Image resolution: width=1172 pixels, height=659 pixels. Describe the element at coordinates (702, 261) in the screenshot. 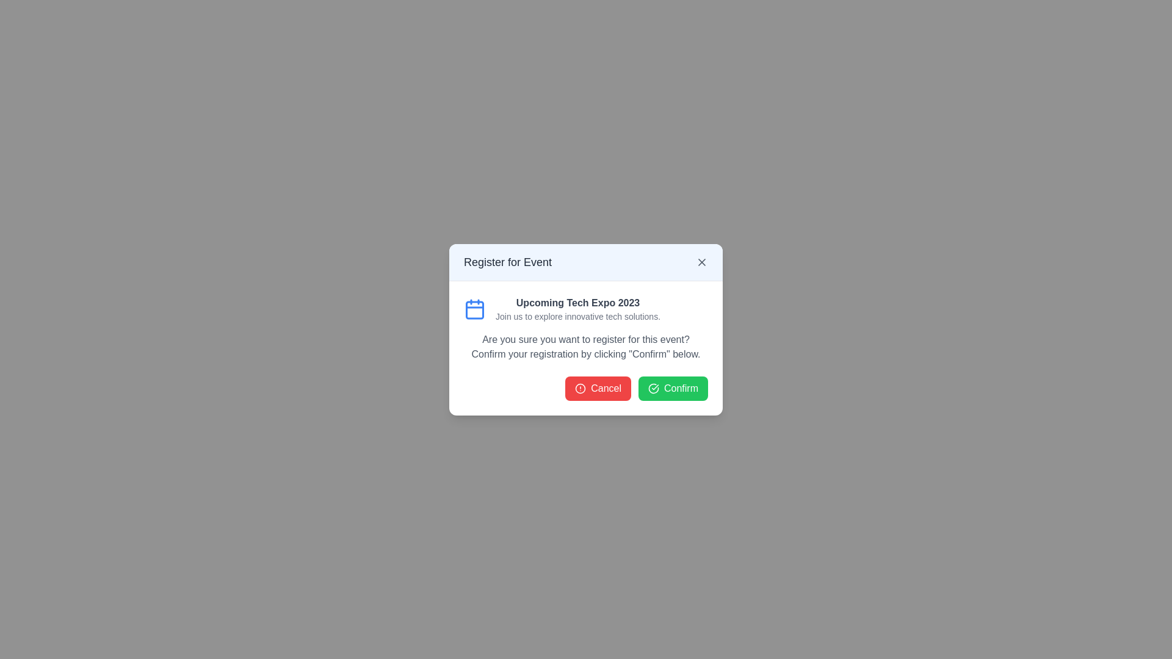

I see `the close or dismiss button located in the top-right corner of the dialog box's header, adjacent to the title 'Register for Event'` at that location.